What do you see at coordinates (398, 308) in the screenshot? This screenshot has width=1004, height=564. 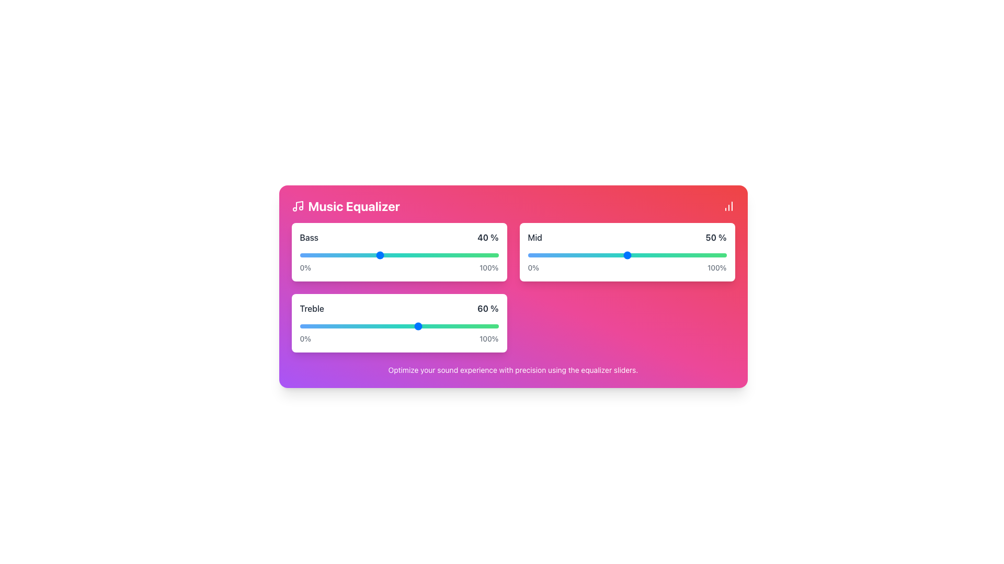 I see `displayed information from the Label element showing 'Treble 60%' in the music equalizer interface, positioned above the gradient-colored slider bar` at bounding box center [398, 308].